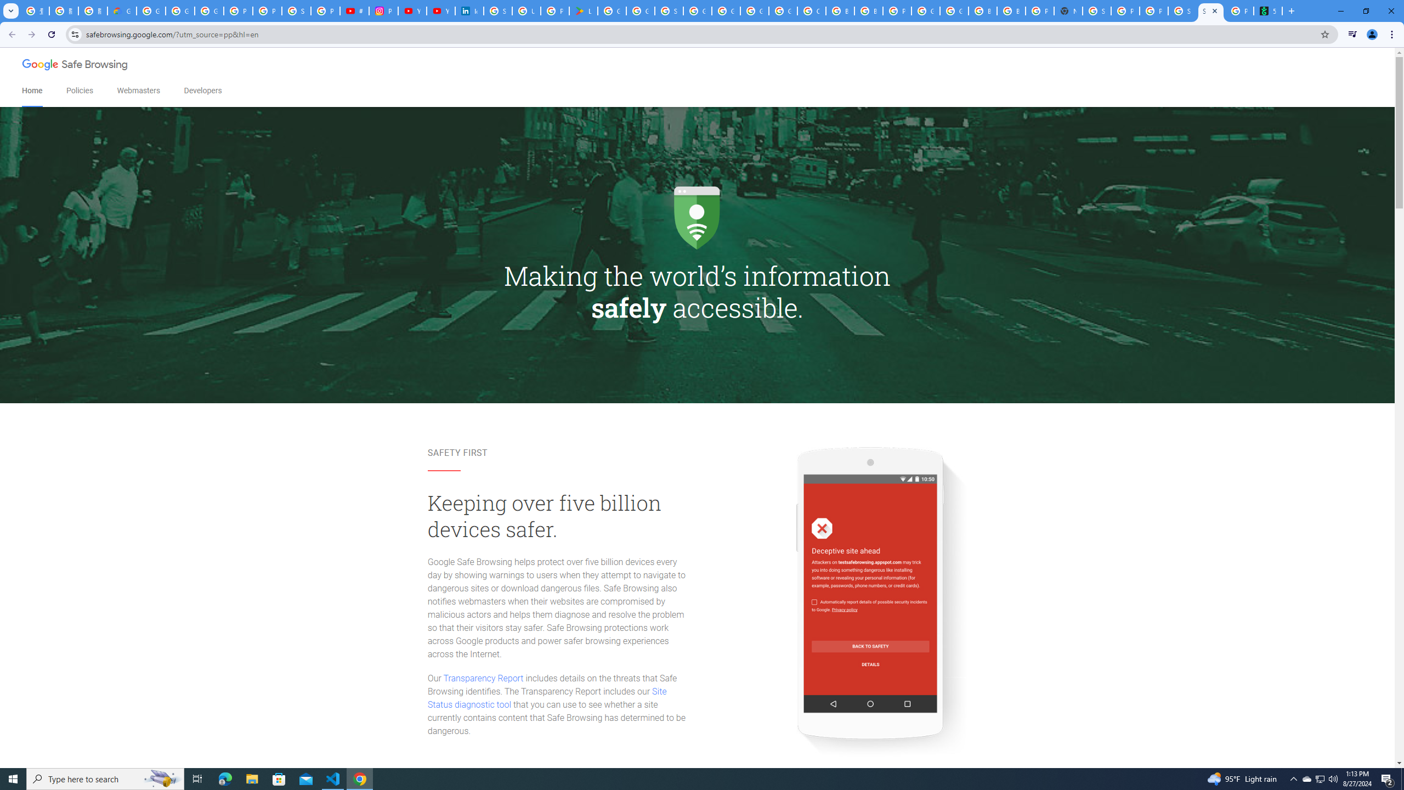 The image size is (1404, 790). I want to click on 'Site Status diagnostic tool', so click(546, 697).